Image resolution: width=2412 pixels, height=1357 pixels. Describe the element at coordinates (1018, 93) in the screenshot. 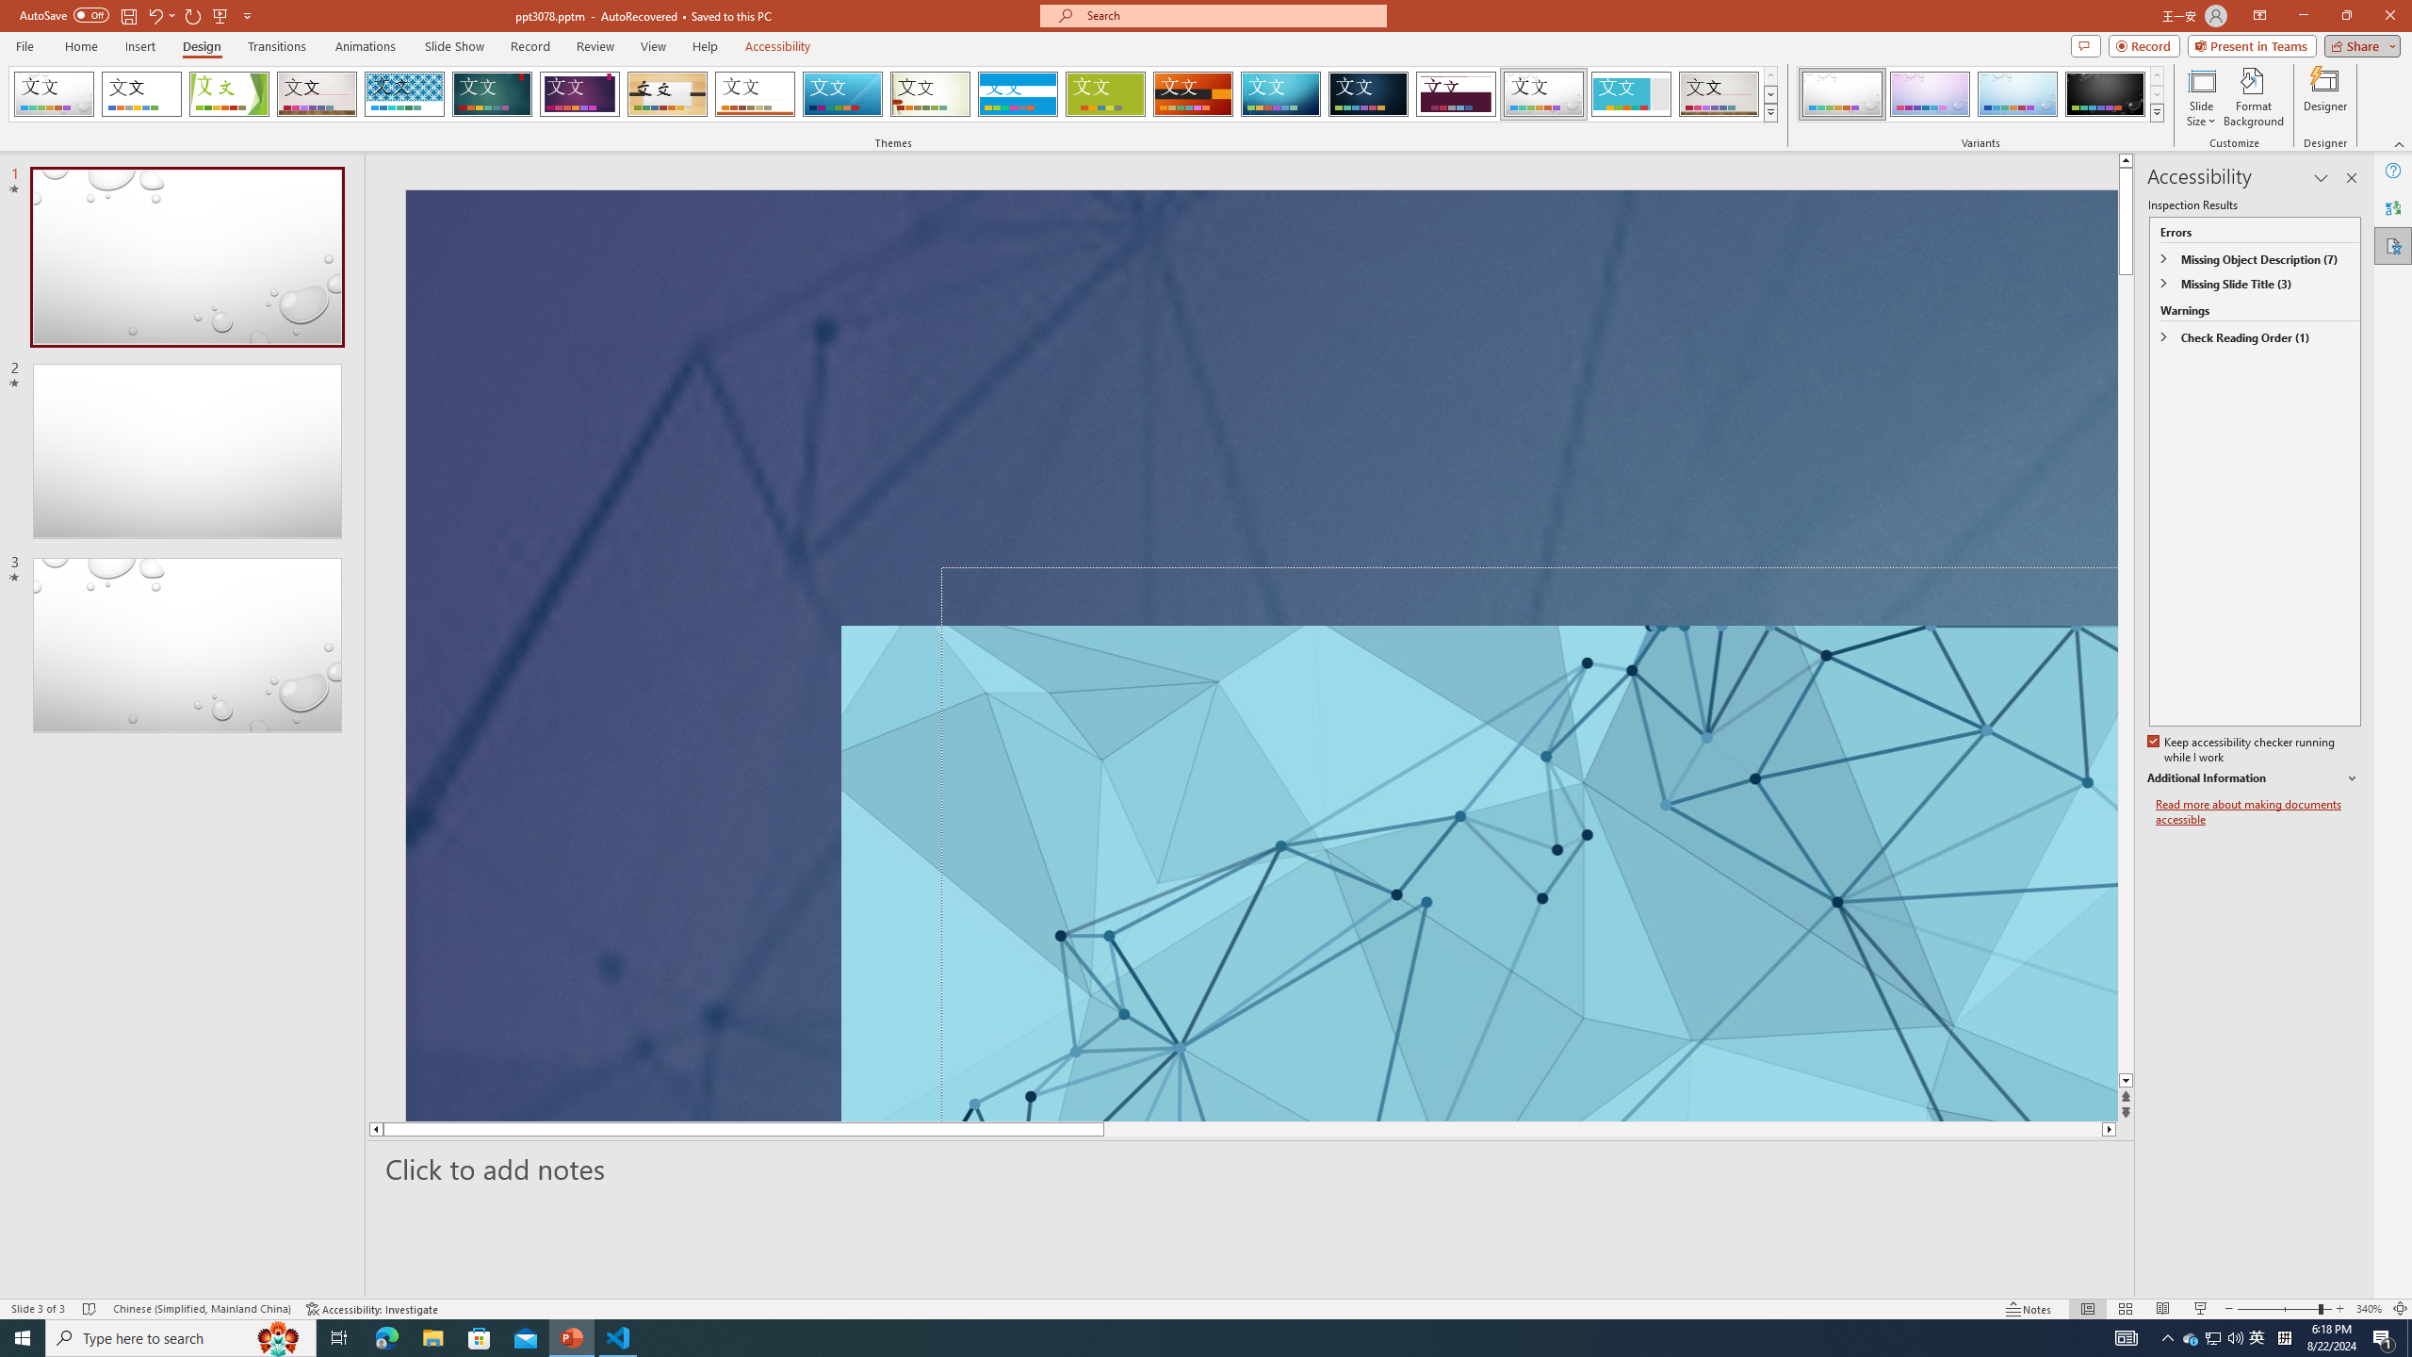

I see `'Banded'` at that location.